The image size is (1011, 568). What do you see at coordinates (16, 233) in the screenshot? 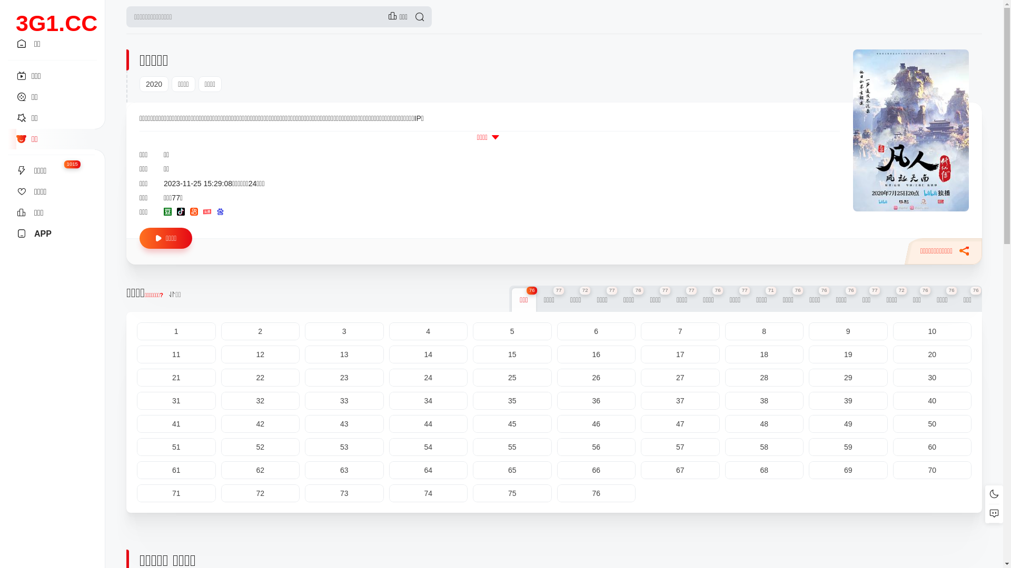
I see `'APP'` at bounding box center [16, 233].